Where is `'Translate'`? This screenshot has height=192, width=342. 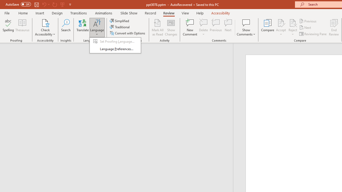 'Translate' is located at coordinates (82, 27).